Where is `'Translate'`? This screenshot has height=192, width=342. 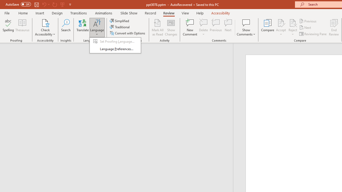 'Translate' is located at coordinates (82, 27).